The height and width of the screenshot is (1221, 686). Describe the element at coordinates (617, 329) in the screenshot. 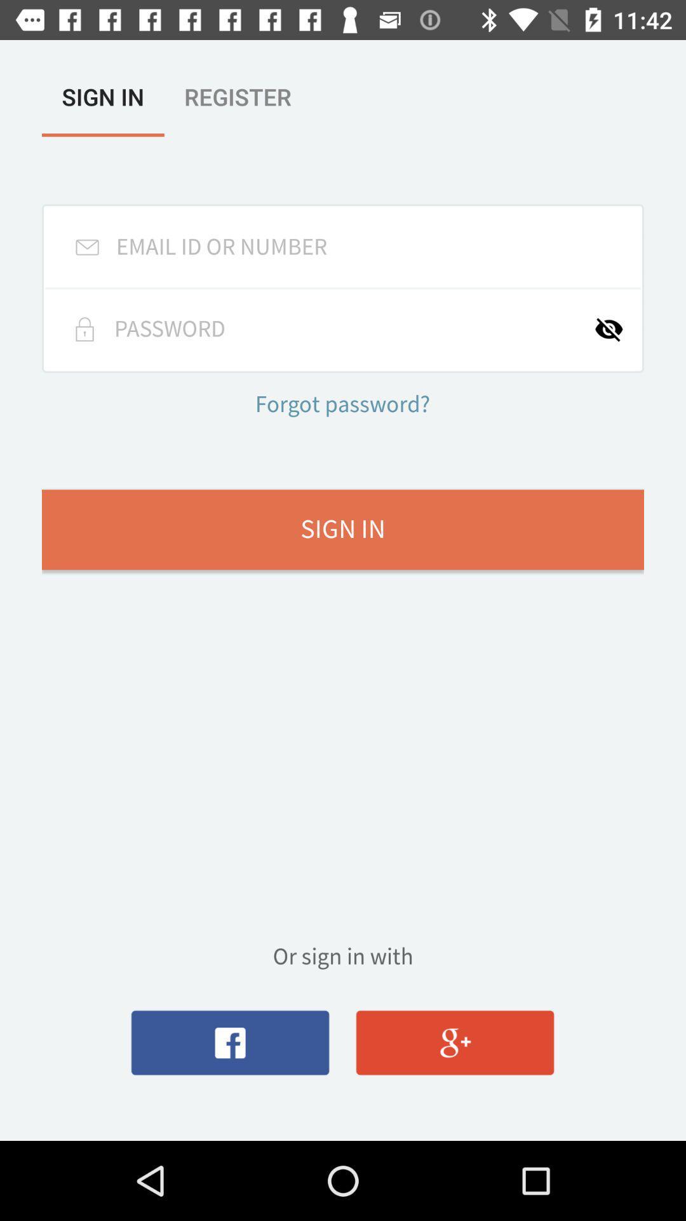

I see `item at the top right corner` at that location.